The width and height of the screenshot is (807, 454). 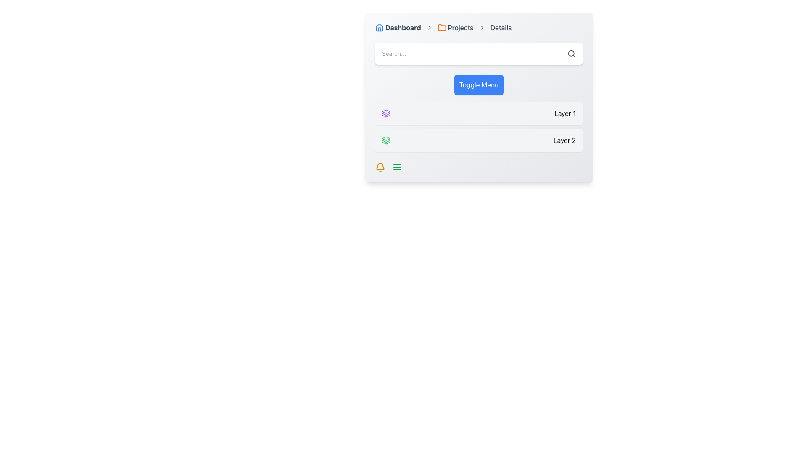 What do you see at coordinates (565, 113) in the screenshot?
I see `the text label indicating 'Layer 1', which is positioned on the right side of a light gray rectangular card in a vertical list of cards` at bounding box center [565, 113].